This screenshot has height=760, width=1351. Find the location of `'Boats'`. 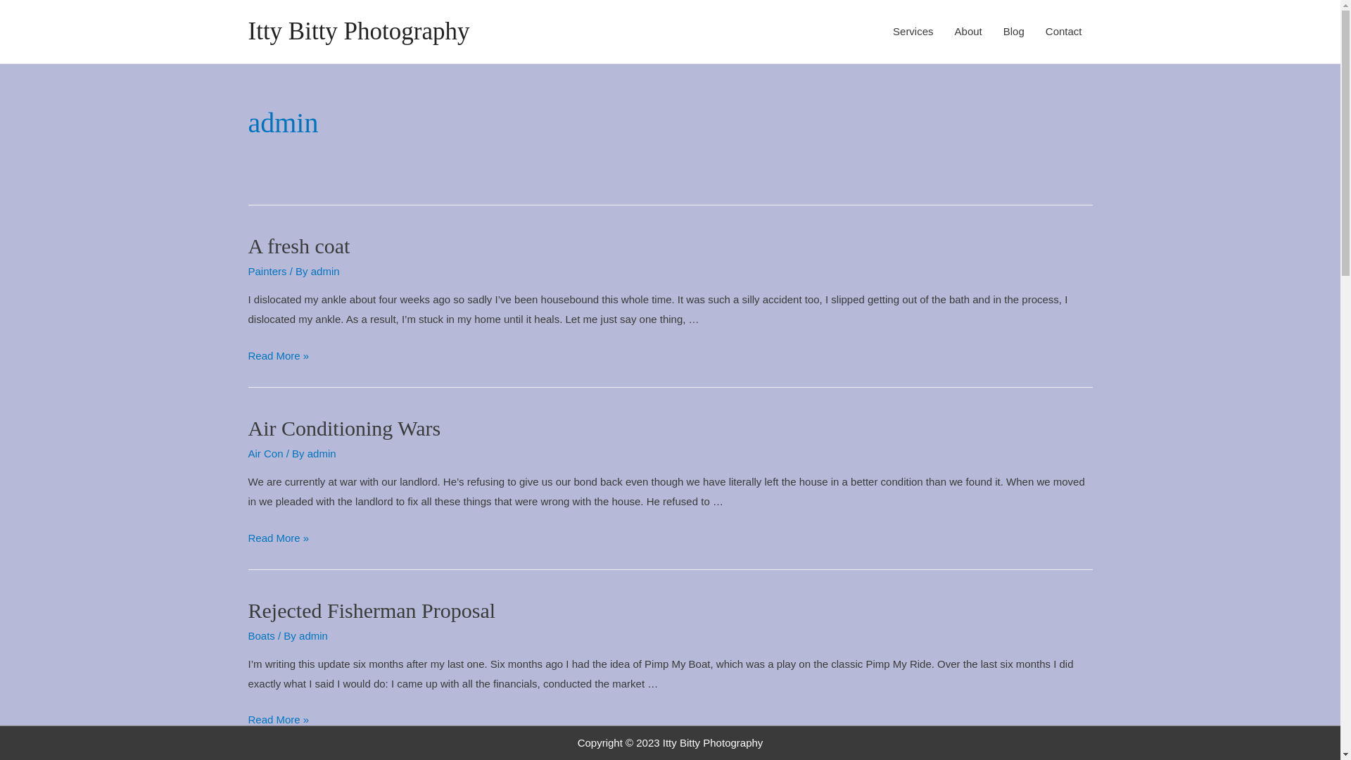

'Boats' is located at coordinates (260, 635).